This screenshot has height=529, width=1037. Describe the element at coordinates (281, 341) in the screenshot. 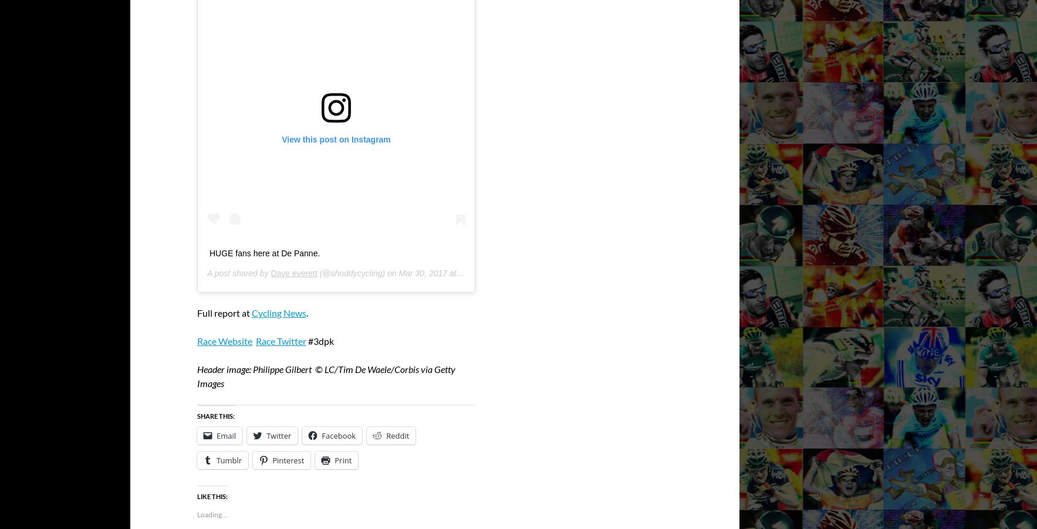

I see `'Race Twitter'` at that location.